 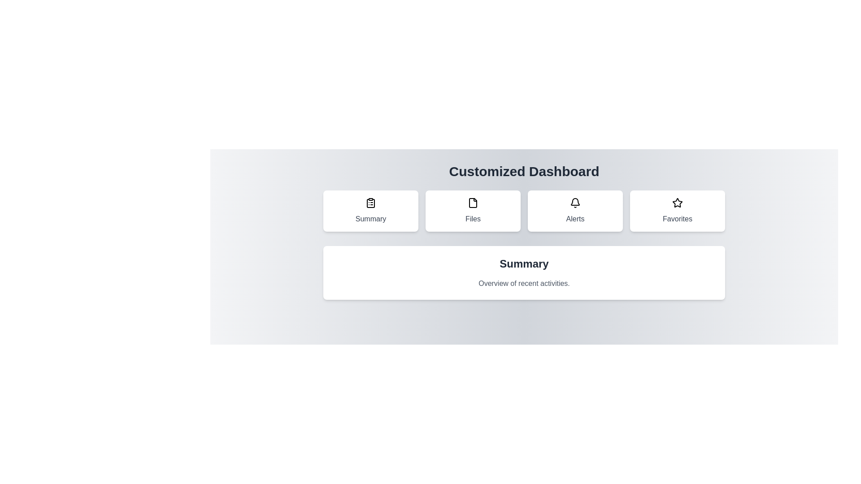 What do you see at coordinates (473, 203) in the screenshot?
I see `the folder outline icon located within the 'Files' button, which is the second button from the left in the top row of the dashboard` at bounding box center [473, 203].